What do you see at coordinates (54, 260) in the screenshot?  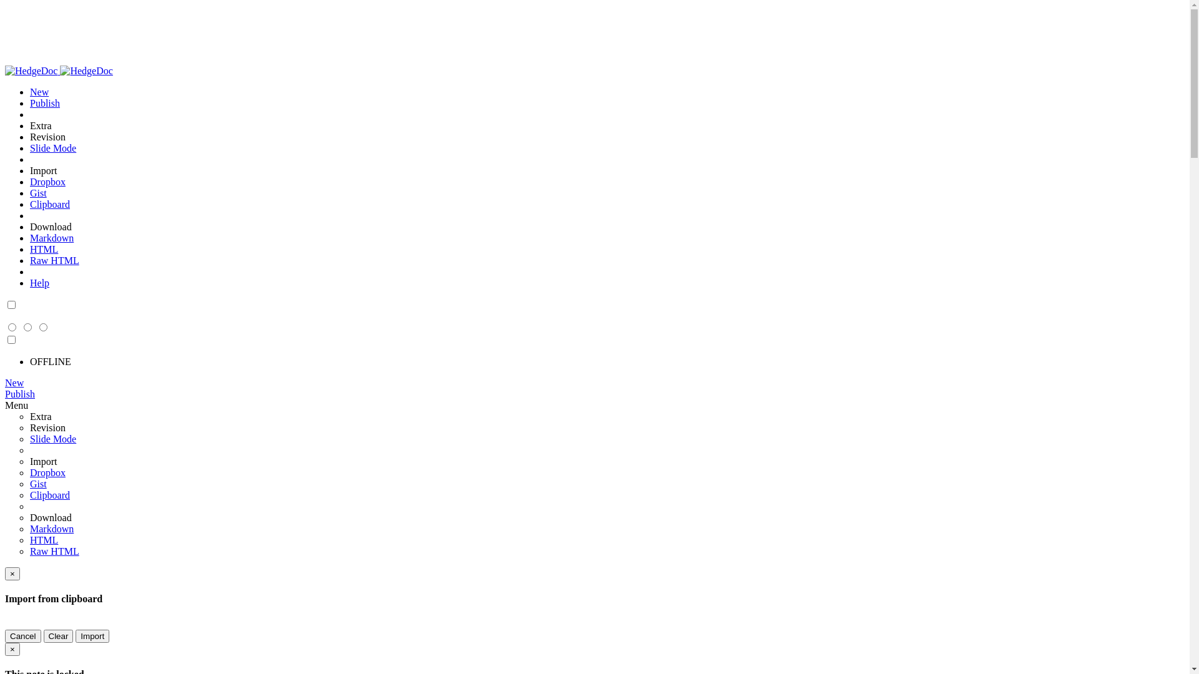 I see `'Raw HTML'` at bounding box center [54, 260].